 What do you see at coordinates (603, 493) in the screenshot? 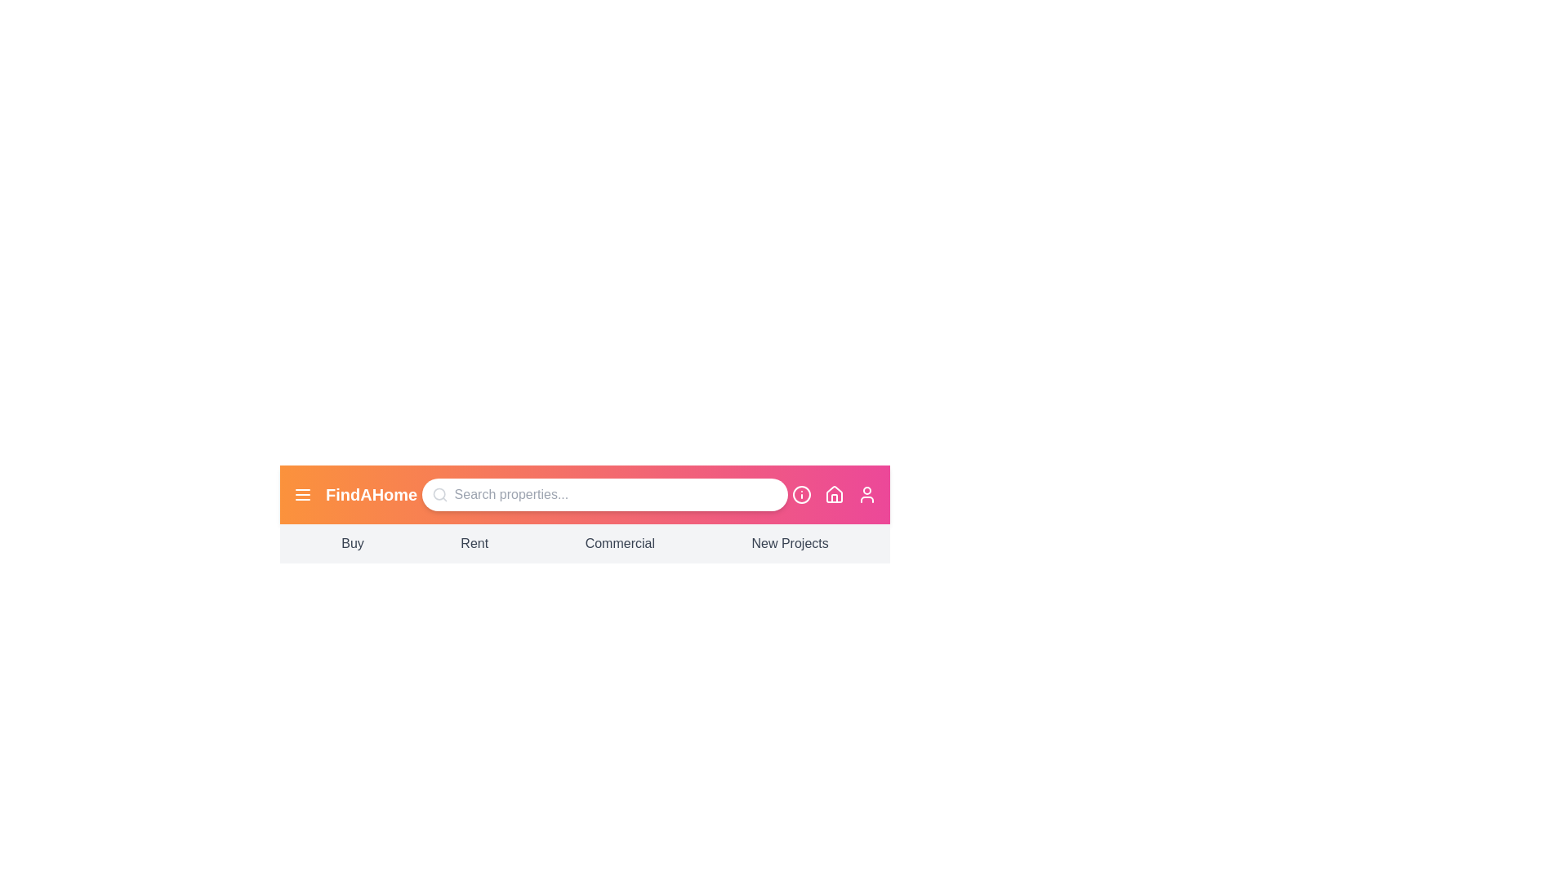
I see `the search input field to focus it` at bounding box center [603, 493].